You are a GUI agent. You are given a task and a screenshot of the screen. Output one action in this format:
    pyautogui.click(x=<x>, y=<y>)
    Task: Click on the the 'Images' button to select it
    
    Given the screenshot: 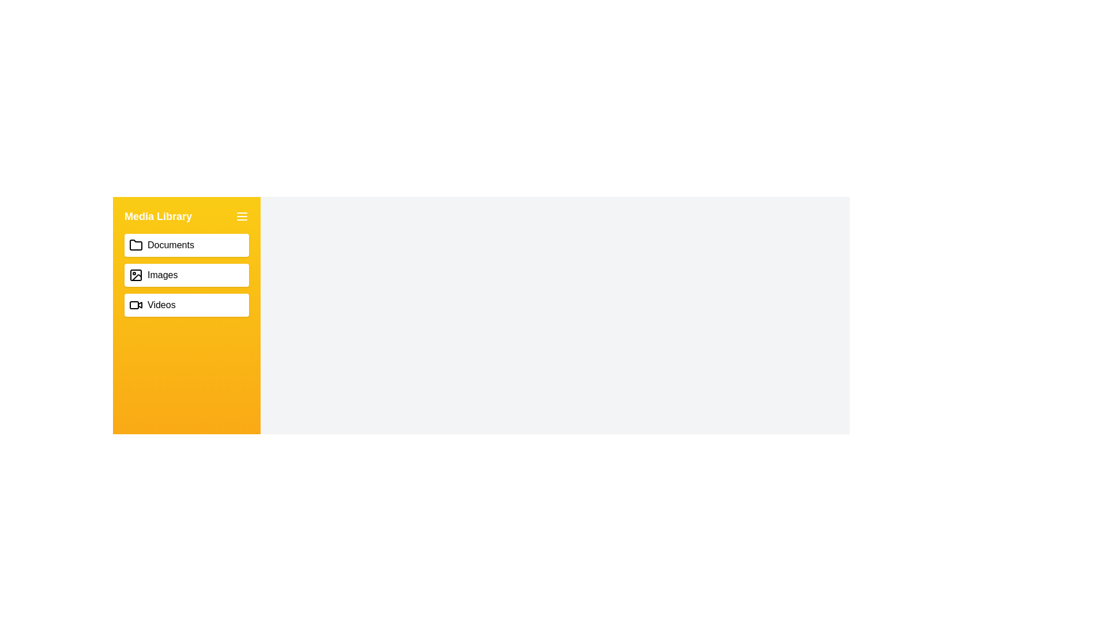 What is the action you would take?
    pyautogui.click(x=187, y=275)
    